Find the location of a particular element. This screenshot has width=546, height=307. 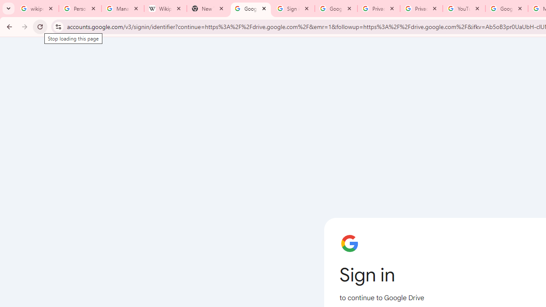

'Manage your Location History - Google Search Help' is located at coordinates (122, 9).